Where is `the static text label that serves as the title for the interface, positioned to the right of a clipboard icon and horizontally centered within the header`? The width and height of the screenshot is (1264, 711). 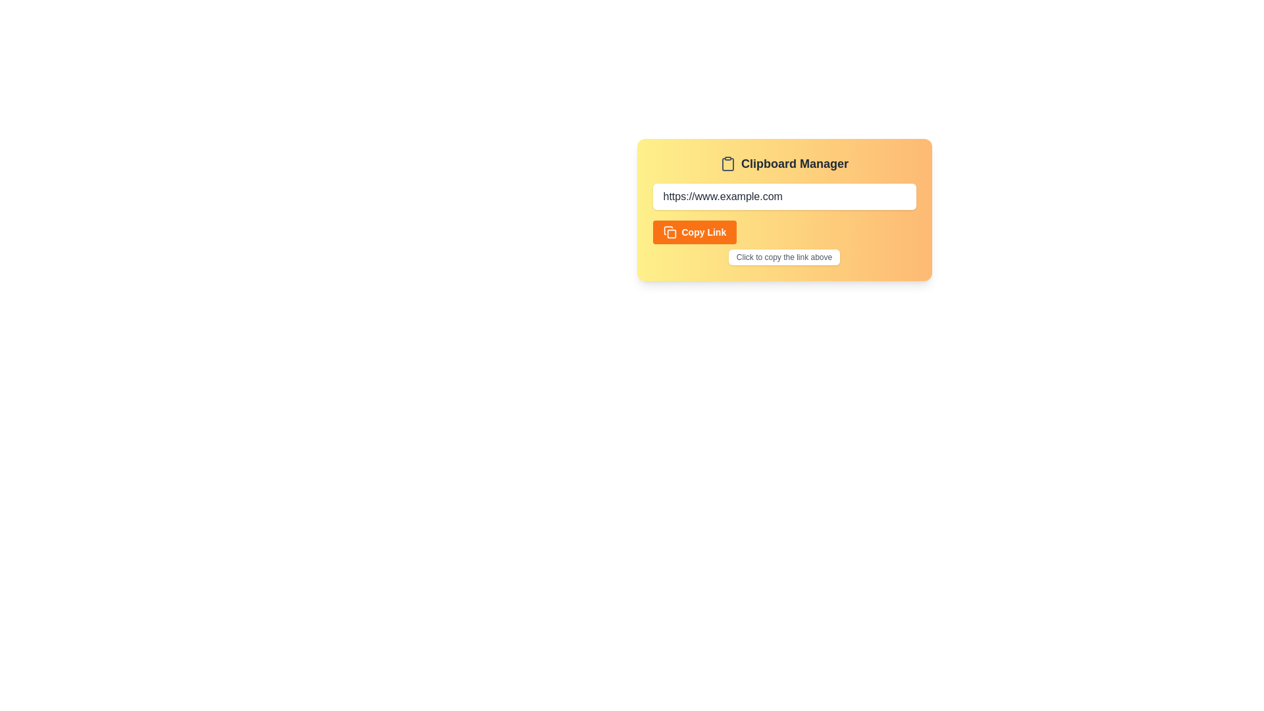 the static text label that serves as the title for the interface, positioned to the right of a clipboard icon and horizontally centered within the header is located at coordinates (794, 163).